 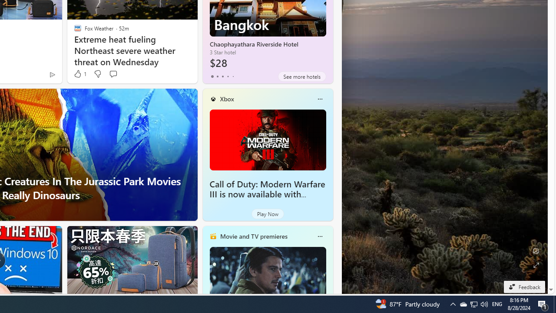 What do you see at coordinates (227, 98) in the screenshot?
I see `'Xbox'` at bounding box center [227, 98].